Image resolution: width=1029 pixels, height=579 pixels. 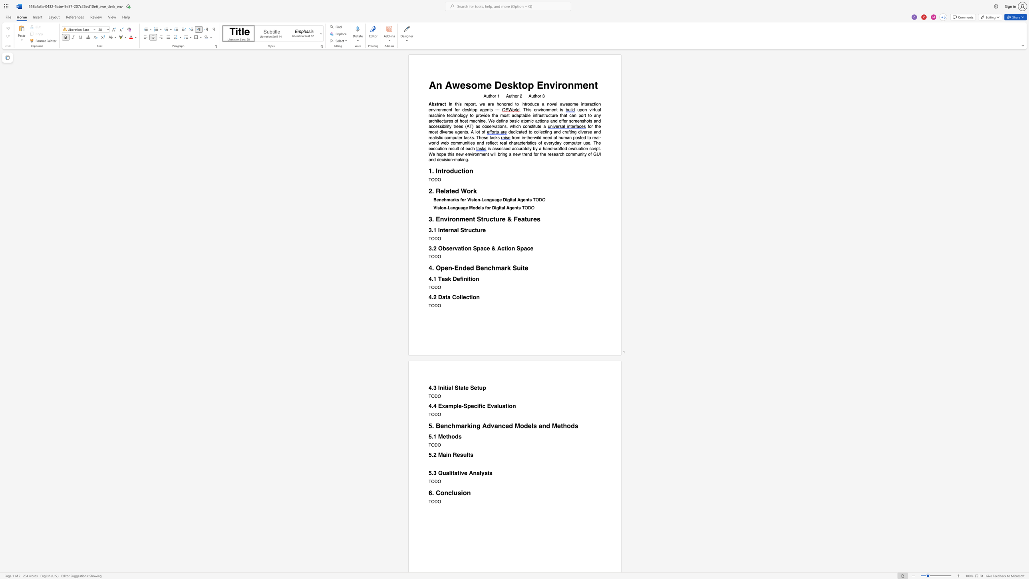 What do you see at coordinates (432, 137) in the screenshot?
I see `the subset text "alisti" within the text "dedicated to collecting and crafting diverse and realistic computer tasks. These tasks"` at bounding box center [432, 137].